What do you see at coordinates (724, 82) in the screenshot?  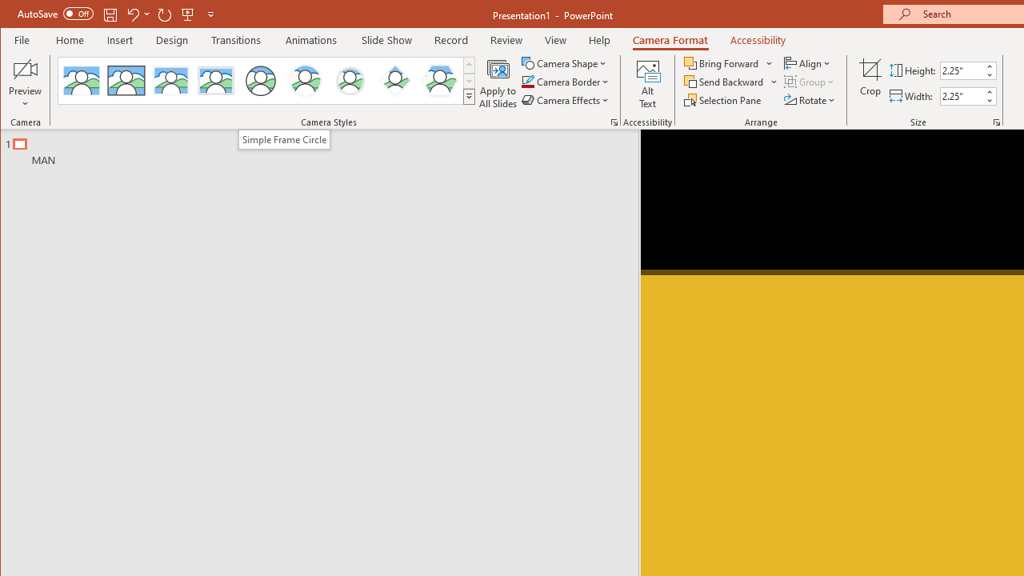 I see `'Send Backward'` at bounding box center [724, 82].